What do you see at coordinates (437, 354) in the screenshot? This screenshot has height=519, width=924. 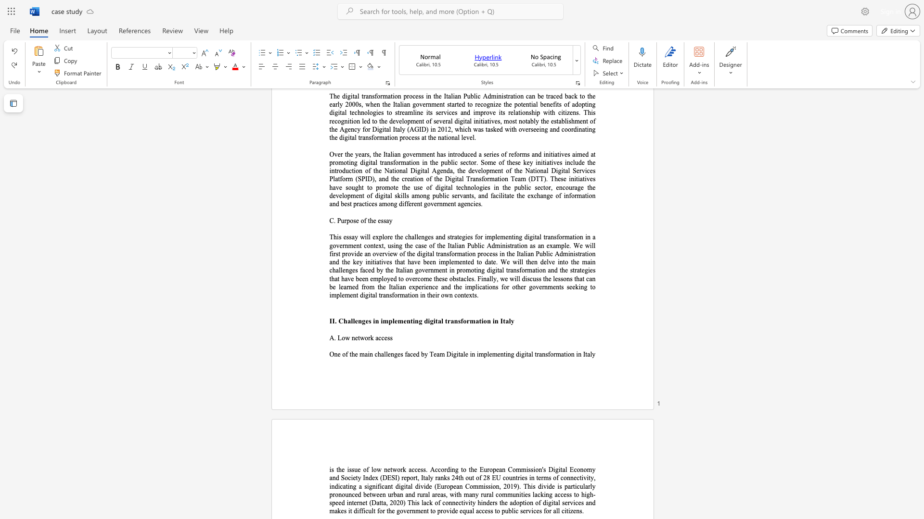 I see `the 4th character "a" in the text` at bounding box center [437, 354].